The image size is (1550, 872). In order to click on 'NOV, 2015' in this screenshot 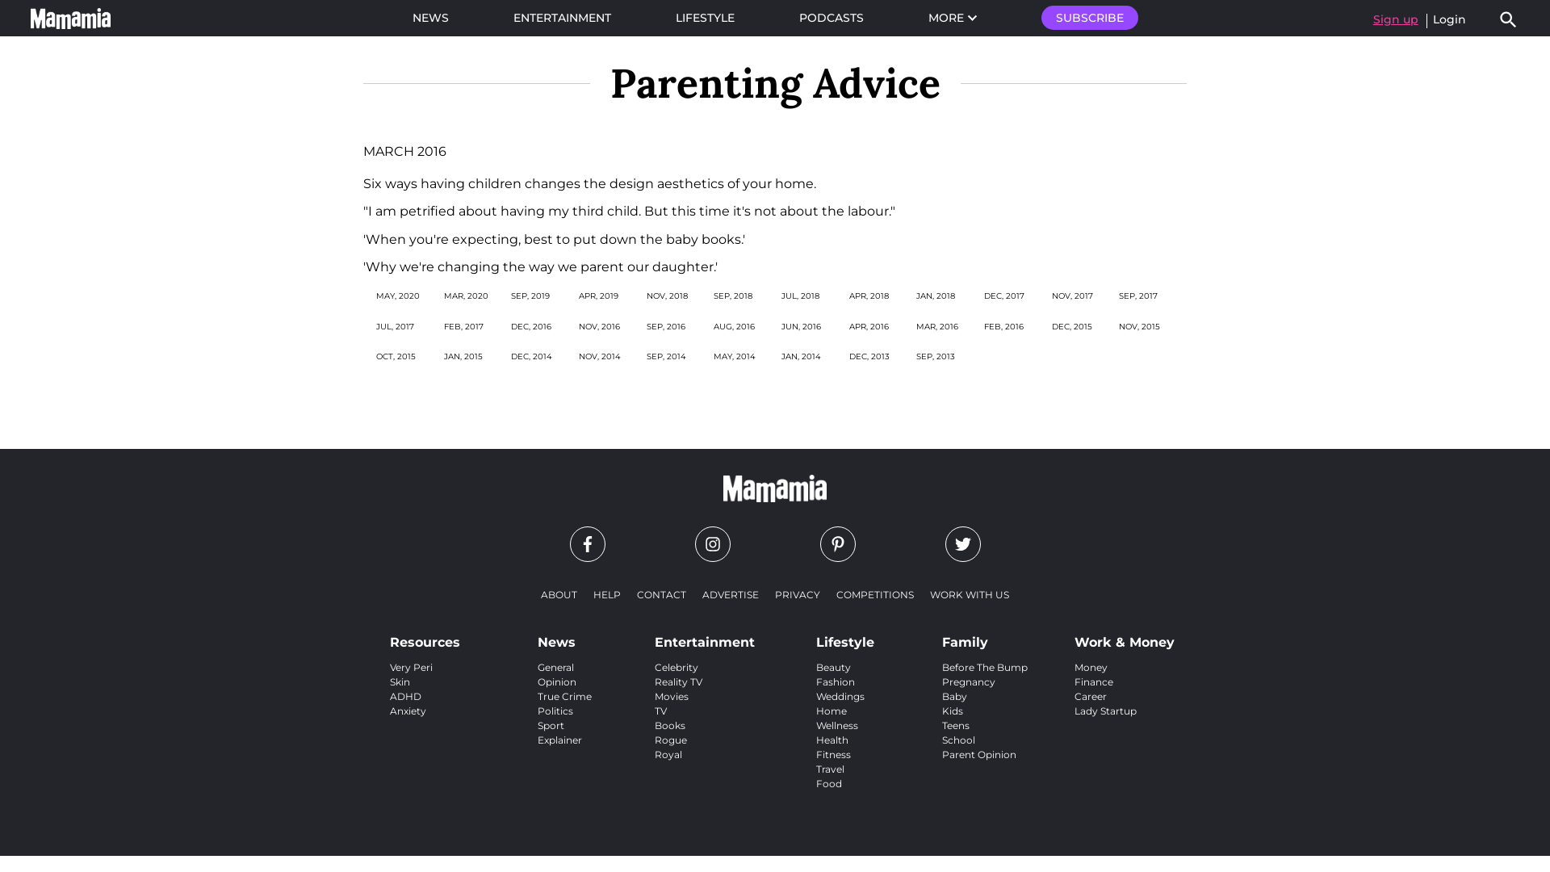, I will do `click(1118, 326)`.